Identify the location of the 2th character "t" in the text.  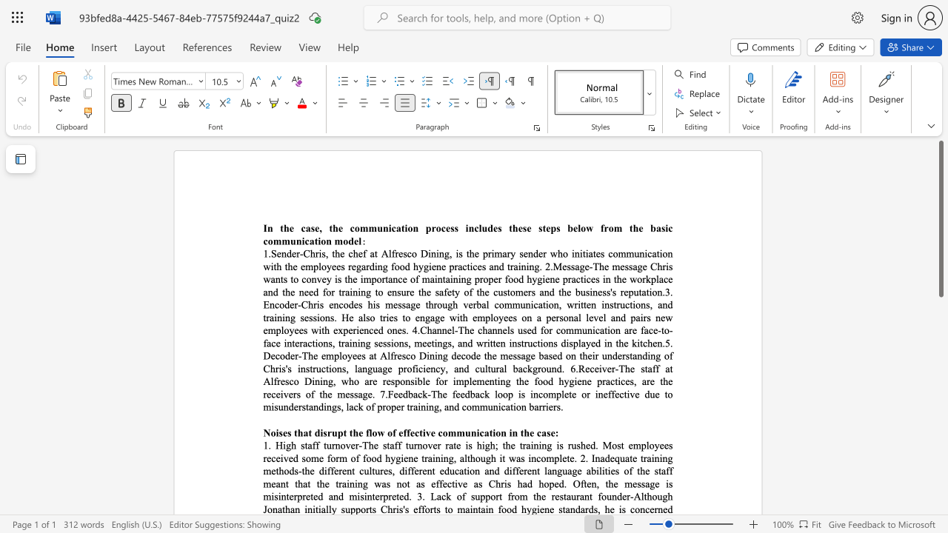
(373, 471).